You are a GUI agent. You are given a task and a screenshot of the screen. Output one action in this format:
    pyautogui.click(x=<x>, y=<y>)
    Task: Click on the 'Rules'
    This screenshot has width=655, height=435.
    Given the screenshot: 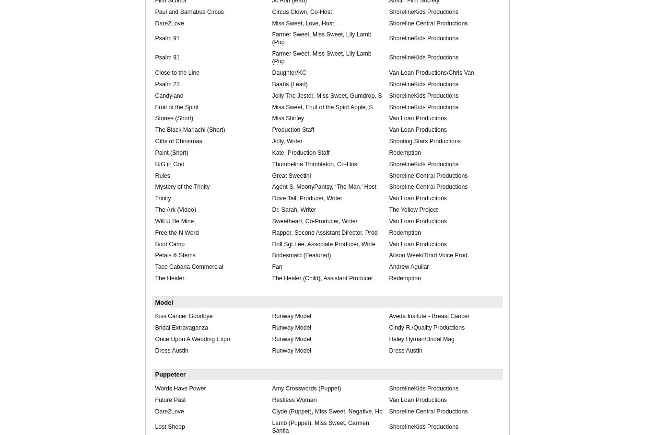 What is the action you would take?
    pyautogui.click(x=155, y=175)
    